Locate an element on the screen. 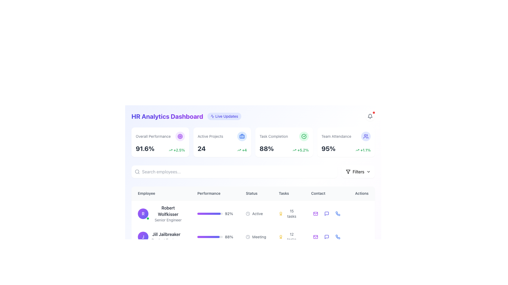 The height and width of the screenshot is (285, 508). the circular green outlined confirmation icon with a checkmark inside, located in the fourth box of the primary statistics section on the dashboard is located at coordinates (304, 136).